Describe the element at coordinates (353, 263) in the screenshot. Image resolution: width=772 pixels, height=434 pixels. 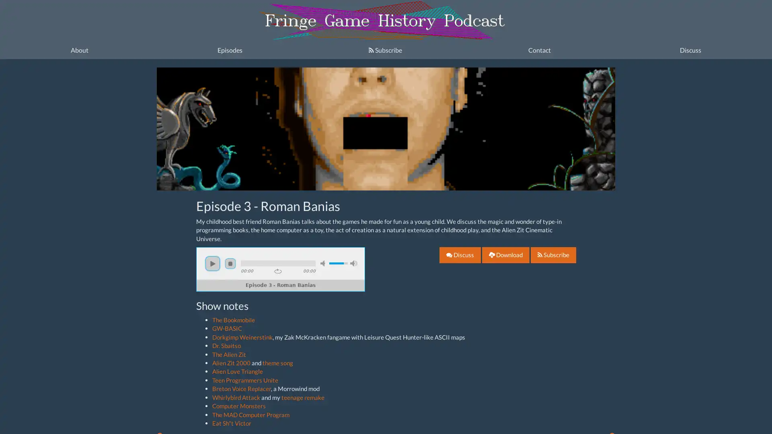
I see `max volume` at that location.